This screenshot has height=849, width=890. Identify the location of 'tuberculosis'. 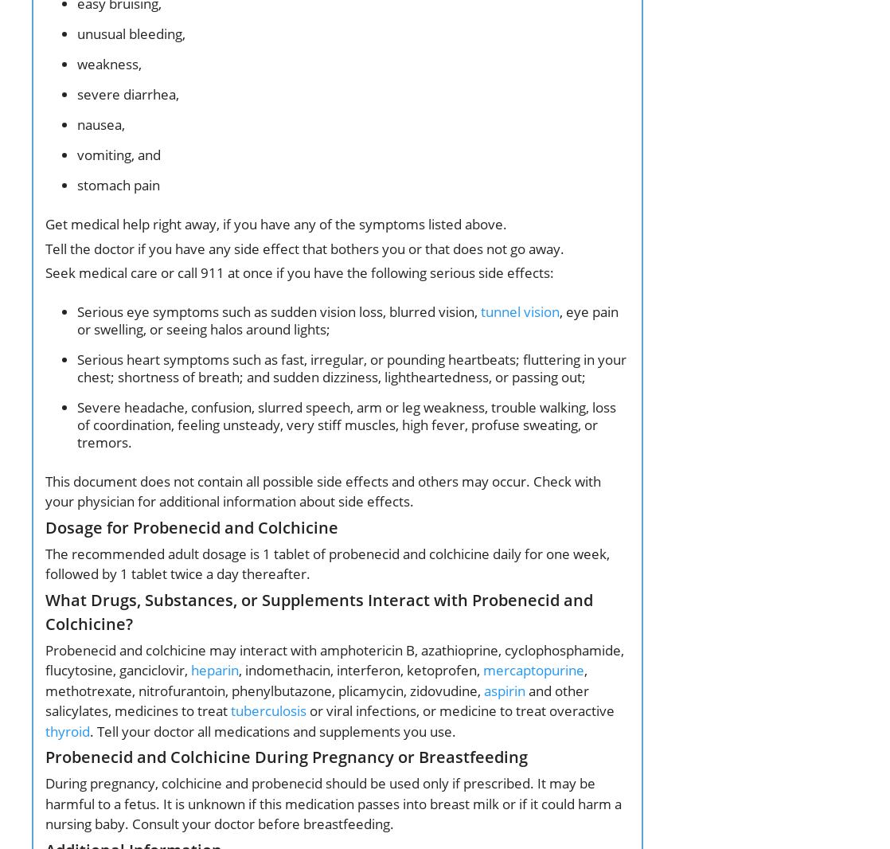
(267, 710).